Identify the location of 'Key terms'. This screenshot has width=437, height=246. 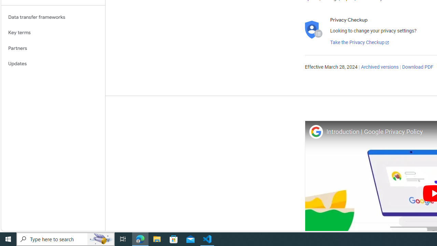
(53, 32).